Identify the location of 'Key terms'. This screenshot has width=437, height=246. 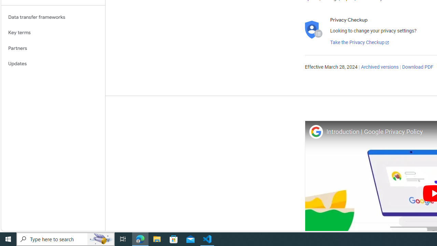
(53, 32).